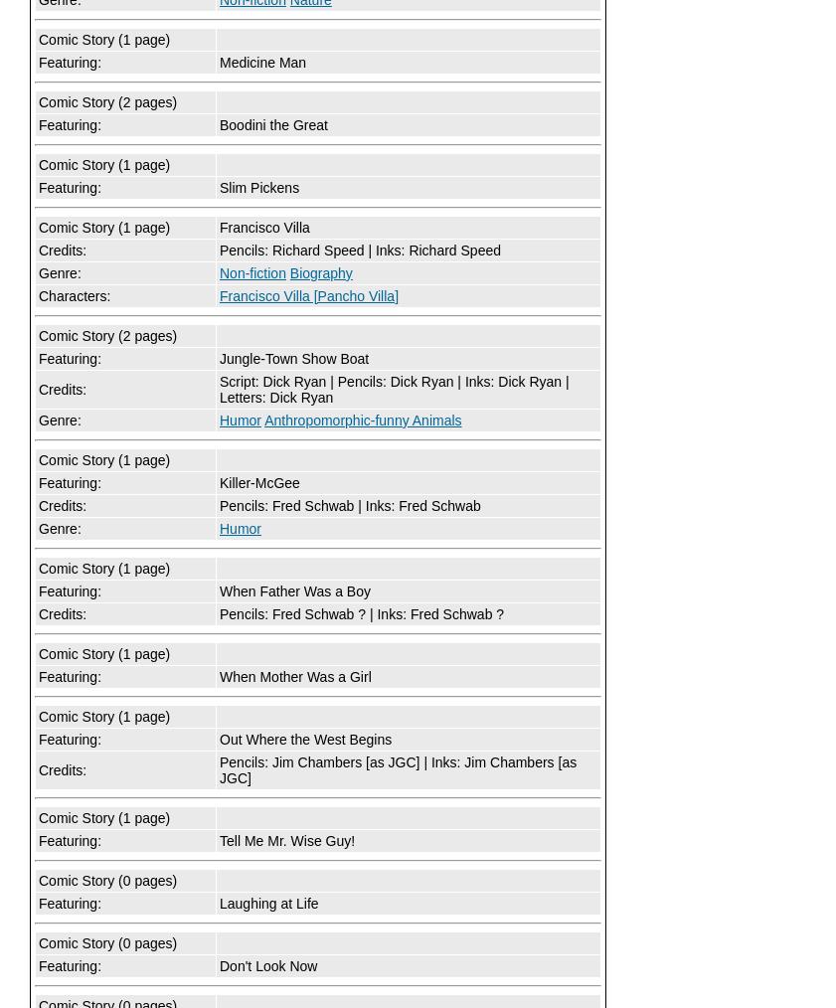  I want to click on 'Biography', so click(319, 272).